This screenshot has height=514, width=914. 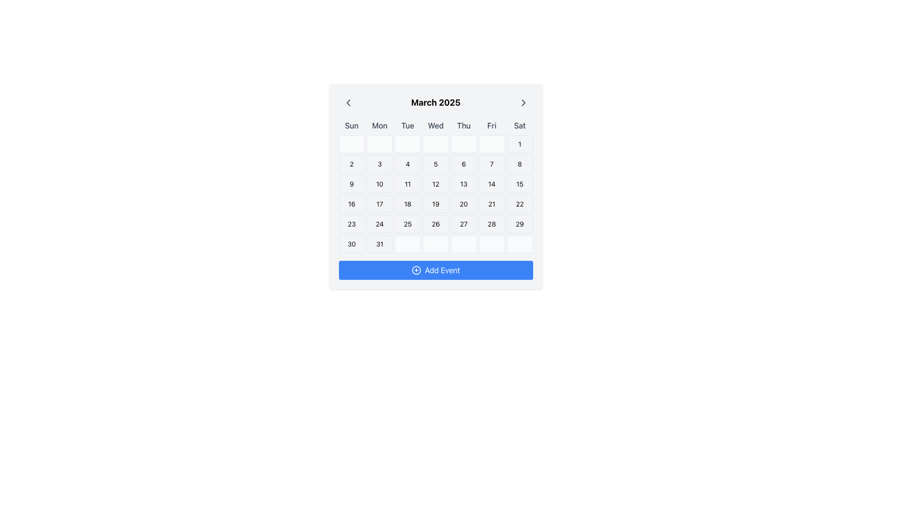 I want to click on the leftward-pointing chevron icon located to the left of the calendar heading 'March 2025', so click(x=348, y=103).